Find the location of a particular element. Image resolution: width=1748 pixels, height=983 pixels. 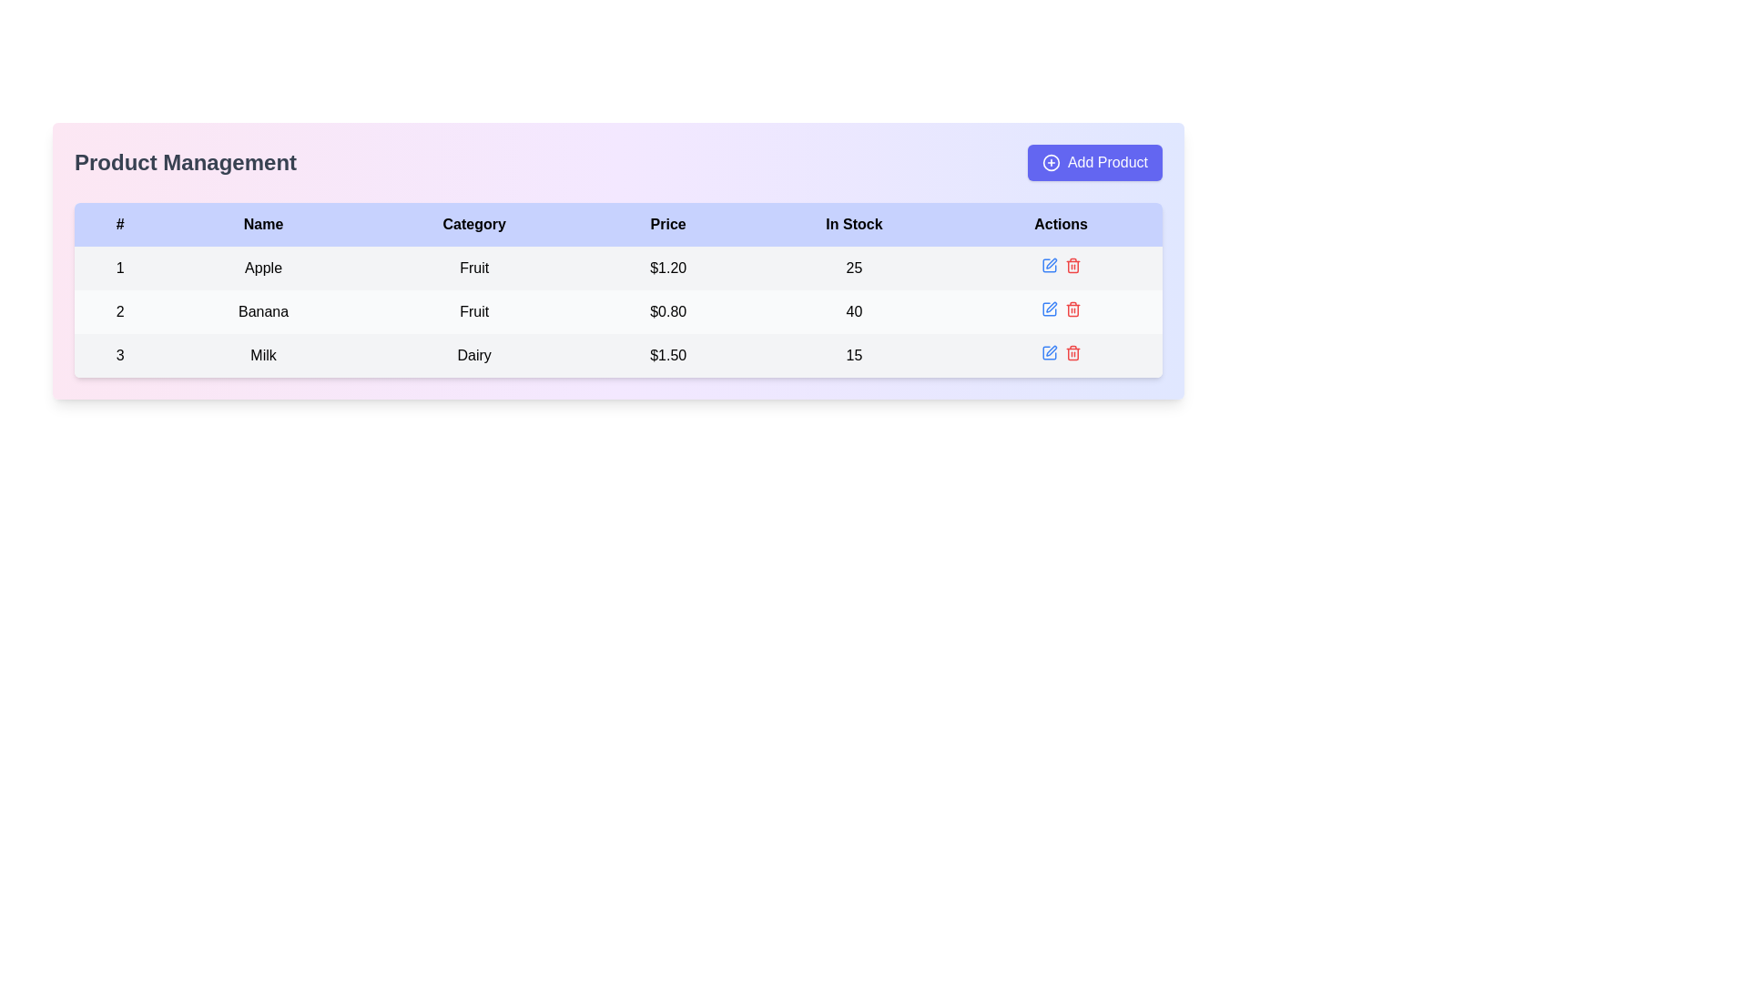

the prominent blue 'Add Product' button located in the top-right corner of the interface to initiate the action of adding a new product is located at coordinates (1093, 161).